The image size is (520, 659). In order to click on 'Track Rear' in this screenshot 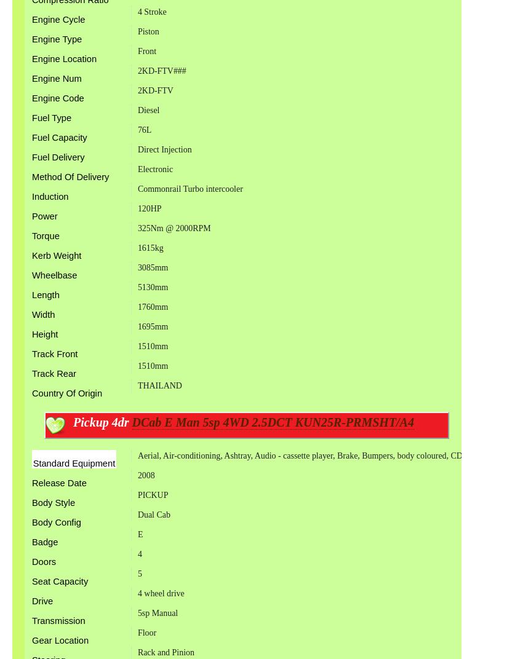, I will do `click(54, 373)`.